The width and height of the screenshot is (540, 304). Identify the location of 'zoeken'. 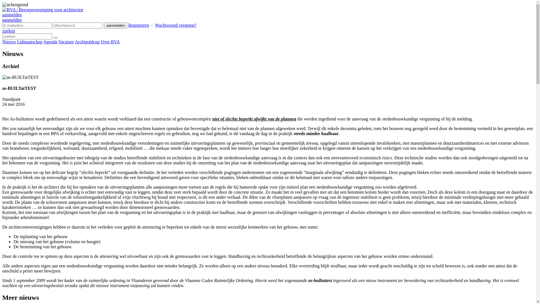
(8, 31).